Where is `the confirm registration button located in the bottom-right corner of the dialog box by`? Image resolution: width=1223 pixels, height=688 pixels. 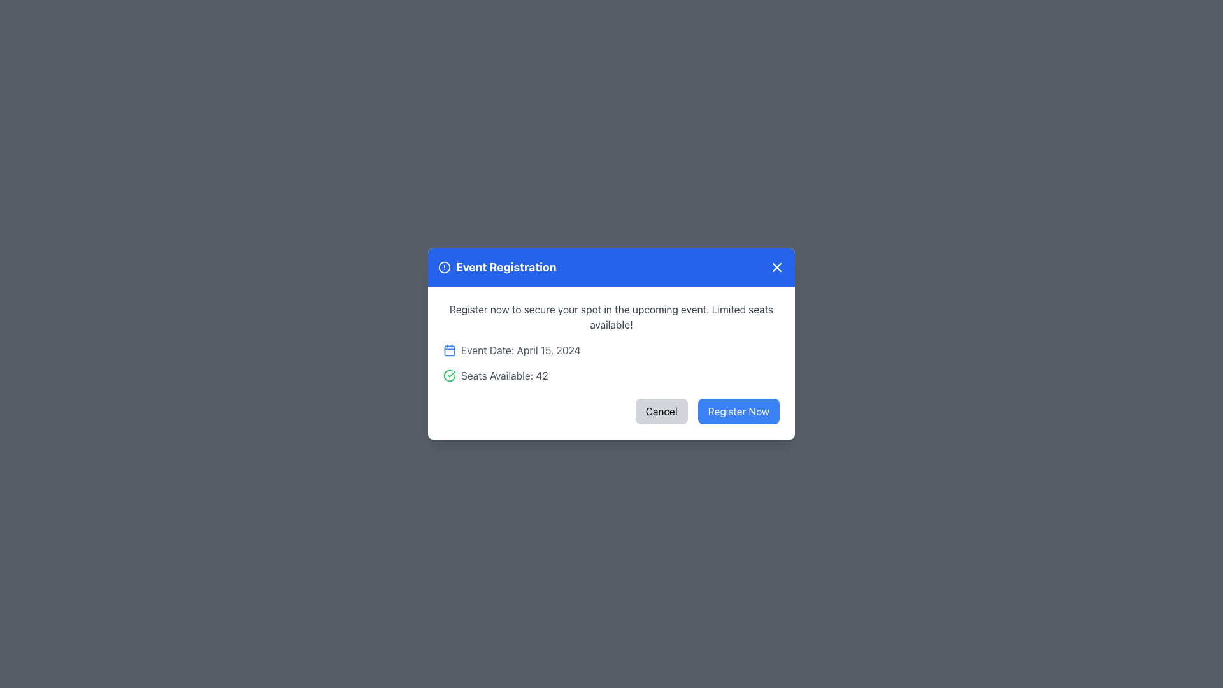
the confirm registration button located in the bottom-right corner of the dialog box by is located at coordinates (738, 411).